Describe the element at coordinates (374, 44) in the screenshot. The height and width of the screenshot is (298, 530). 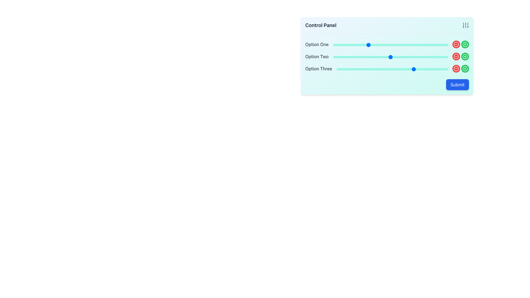
I see `the slider` at that location.